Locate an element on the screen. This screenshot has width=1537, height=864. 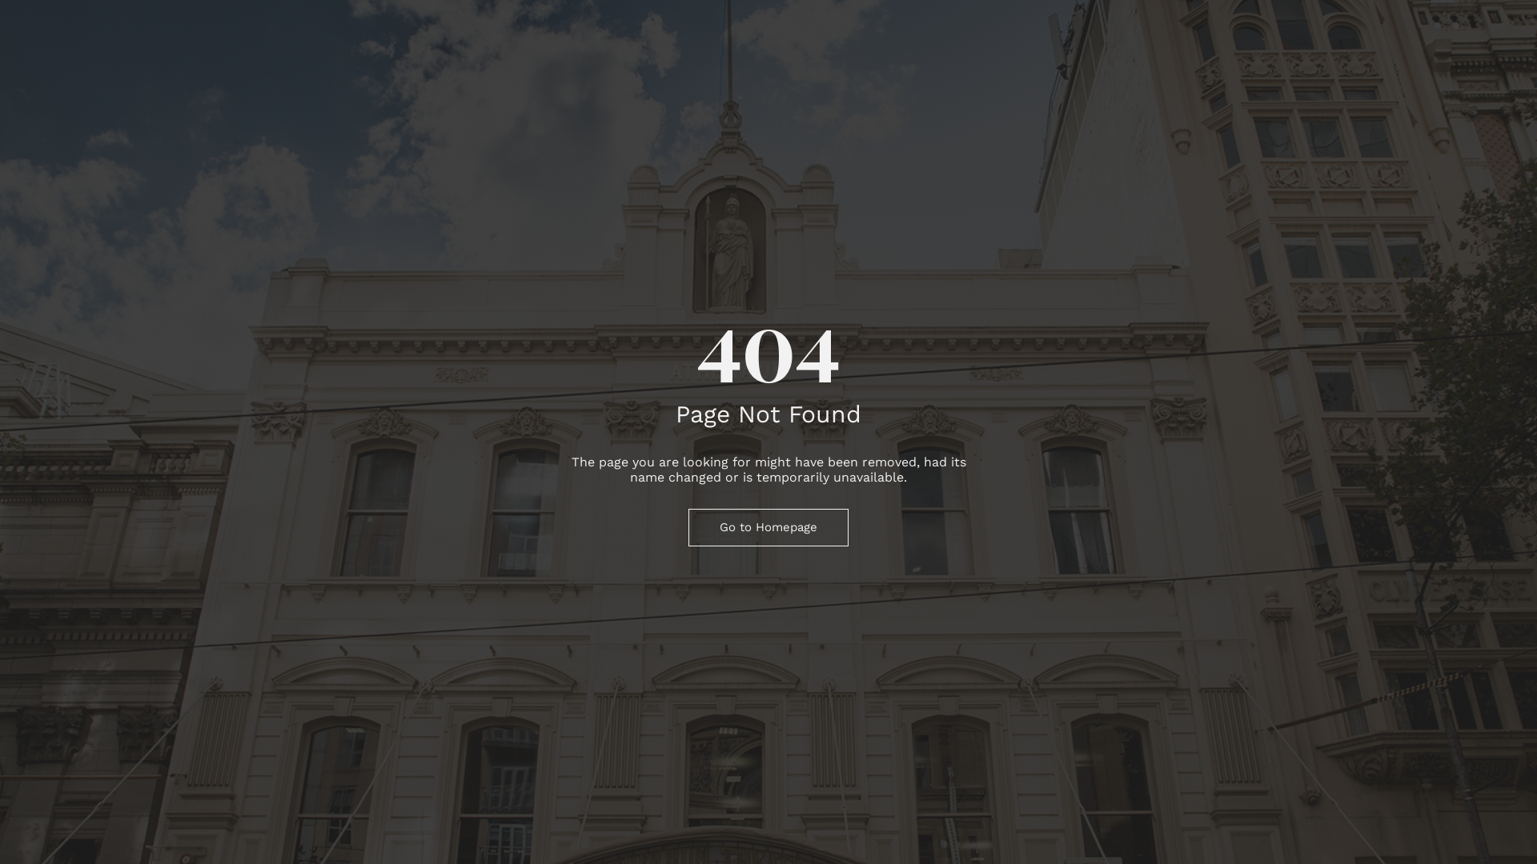
'Go to Homepage' is located at coordinates (768, 527).